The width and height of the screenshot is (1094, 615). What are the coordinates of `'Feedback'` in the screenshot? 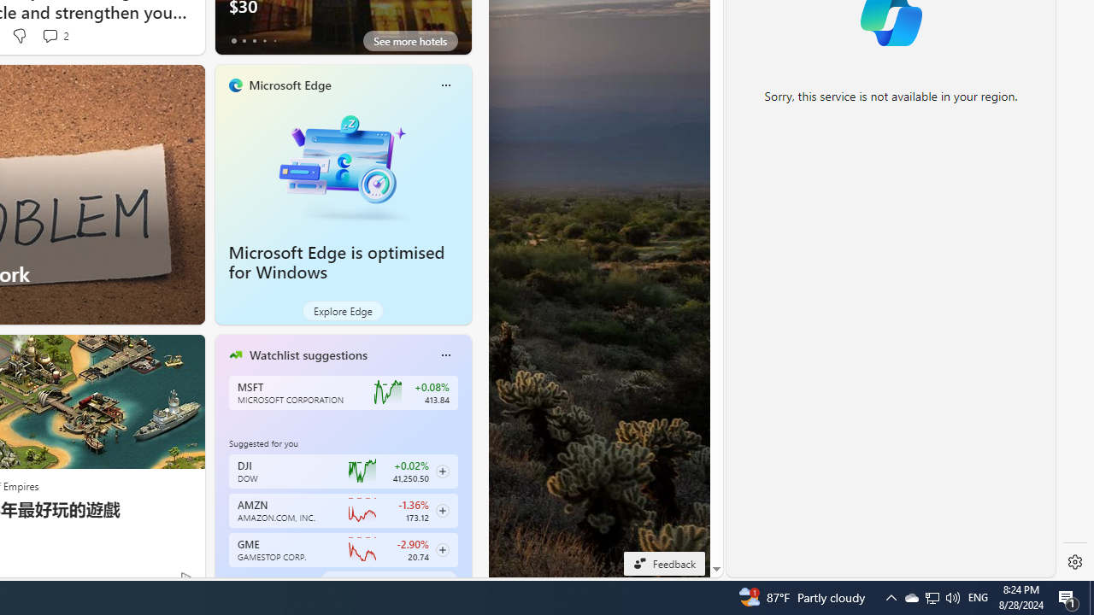 It's located at (663, 563).